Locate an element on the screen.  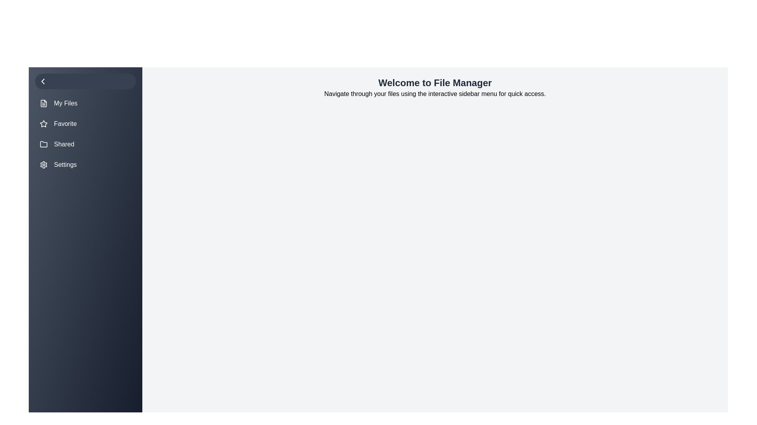
the menu item labeled Settings is located at coordinates (85, 164).